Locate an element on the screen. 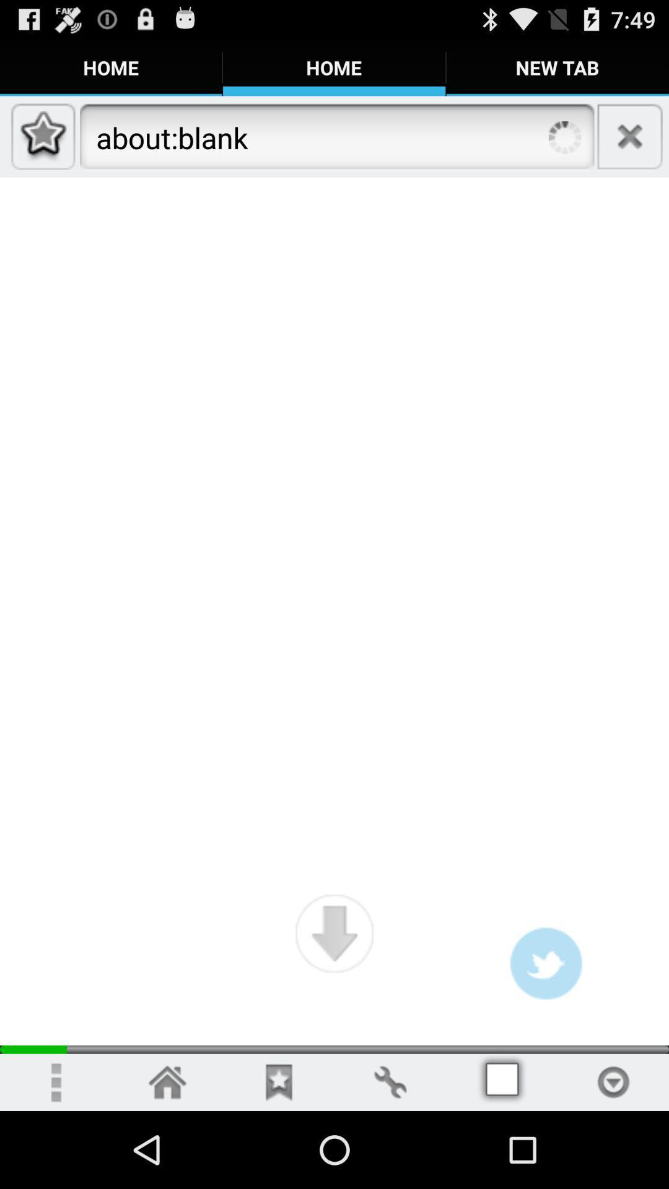  the bookmark icon is located at coordinates (279, 1157).